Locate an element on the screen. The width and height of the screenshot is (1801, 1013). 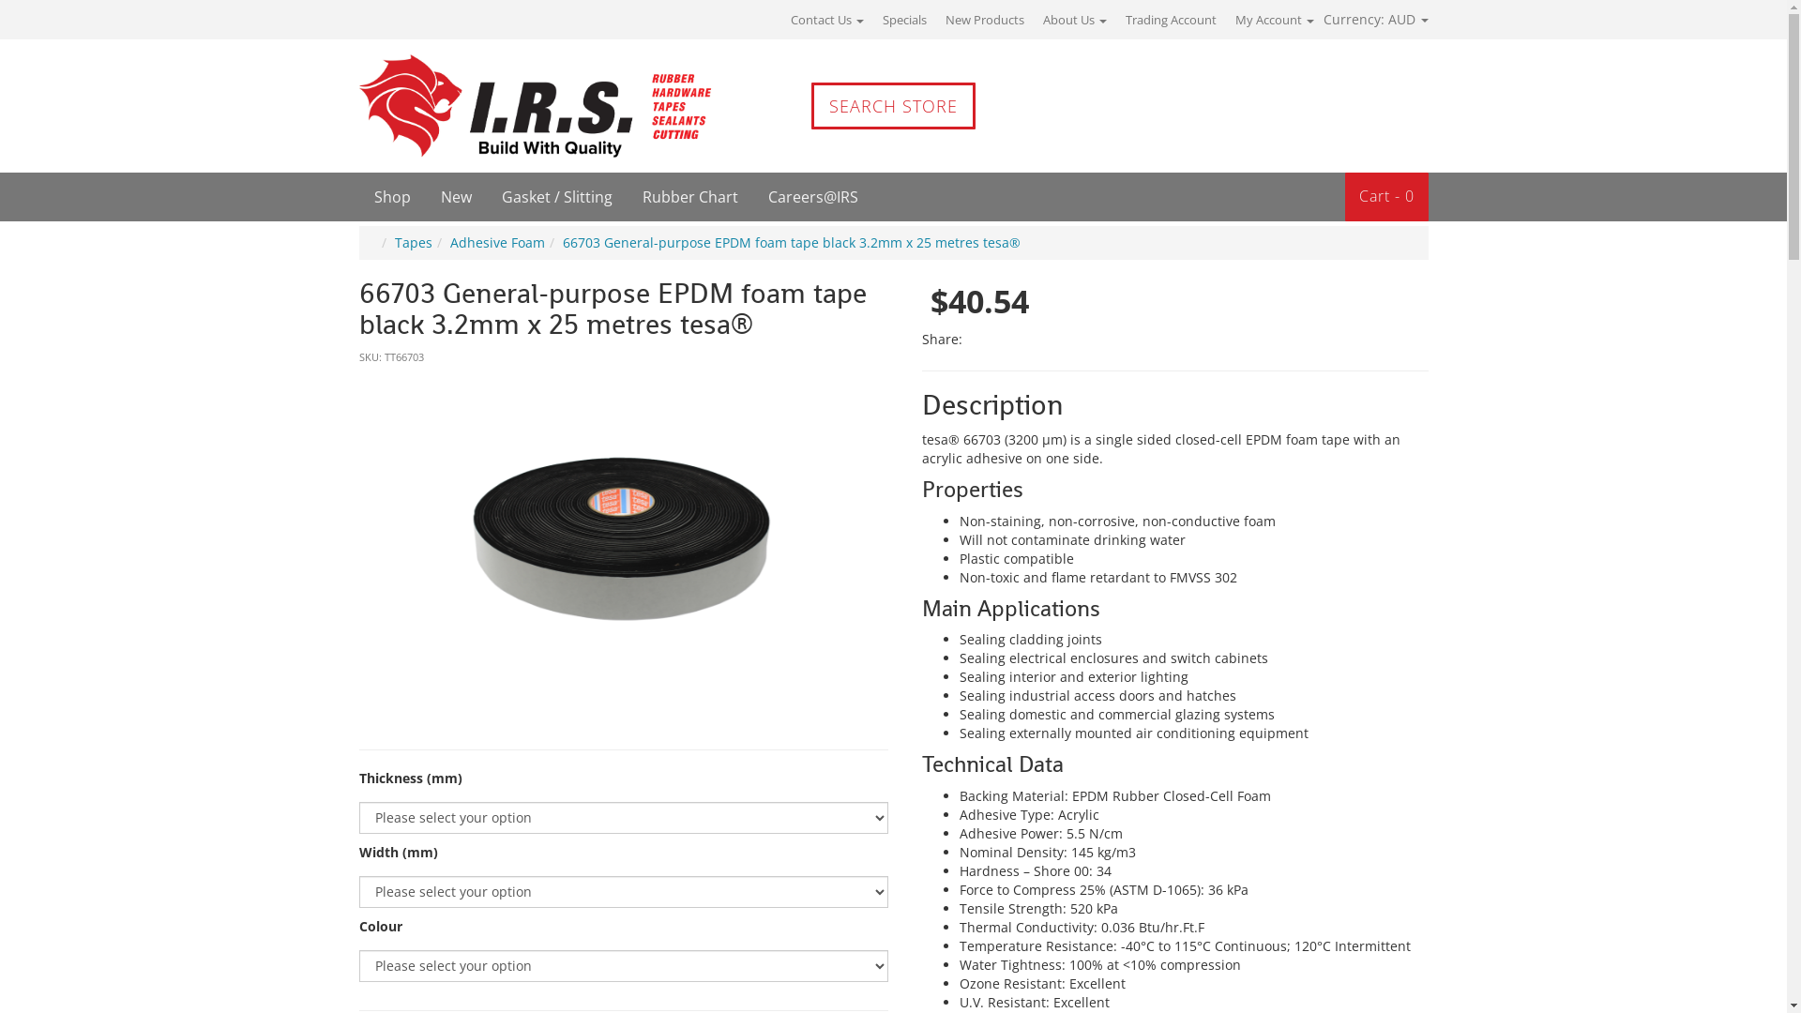
'Contact Us' is located at coordinates (825, 19).